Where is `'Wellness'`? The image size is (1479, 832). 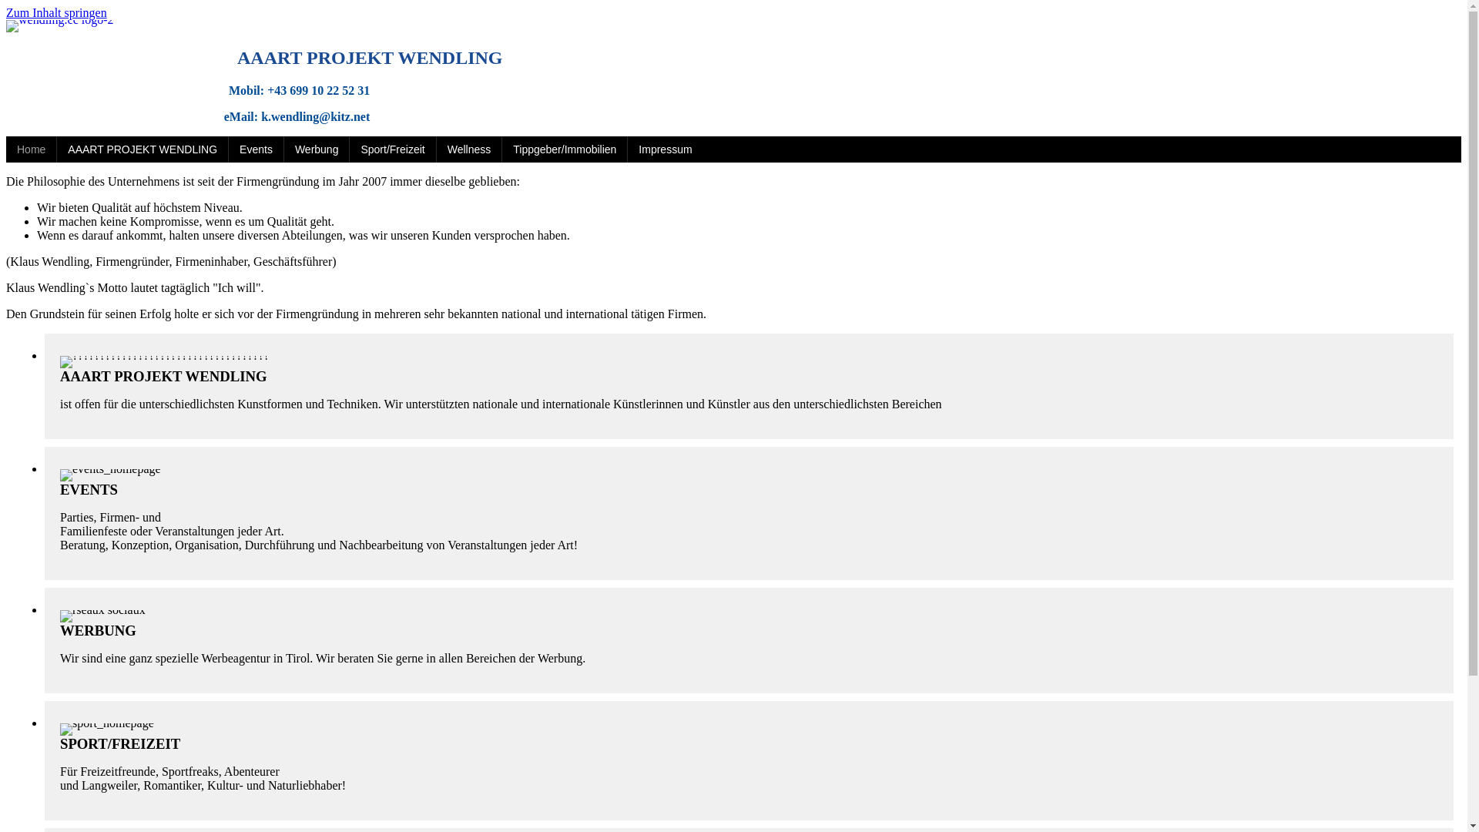 'Wellness' is located at coordinates (468, 149).